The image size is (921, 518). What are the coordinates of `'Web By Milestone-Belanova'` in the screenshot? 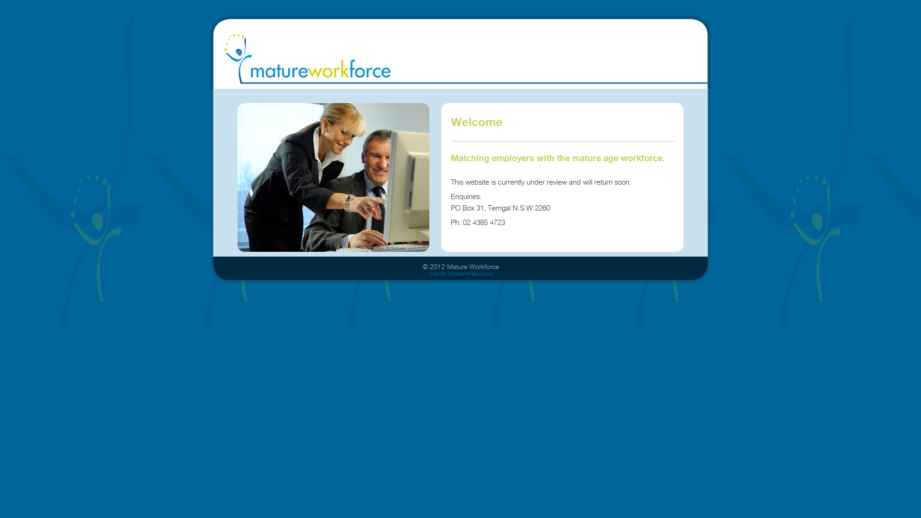 It's located at (460, 273).